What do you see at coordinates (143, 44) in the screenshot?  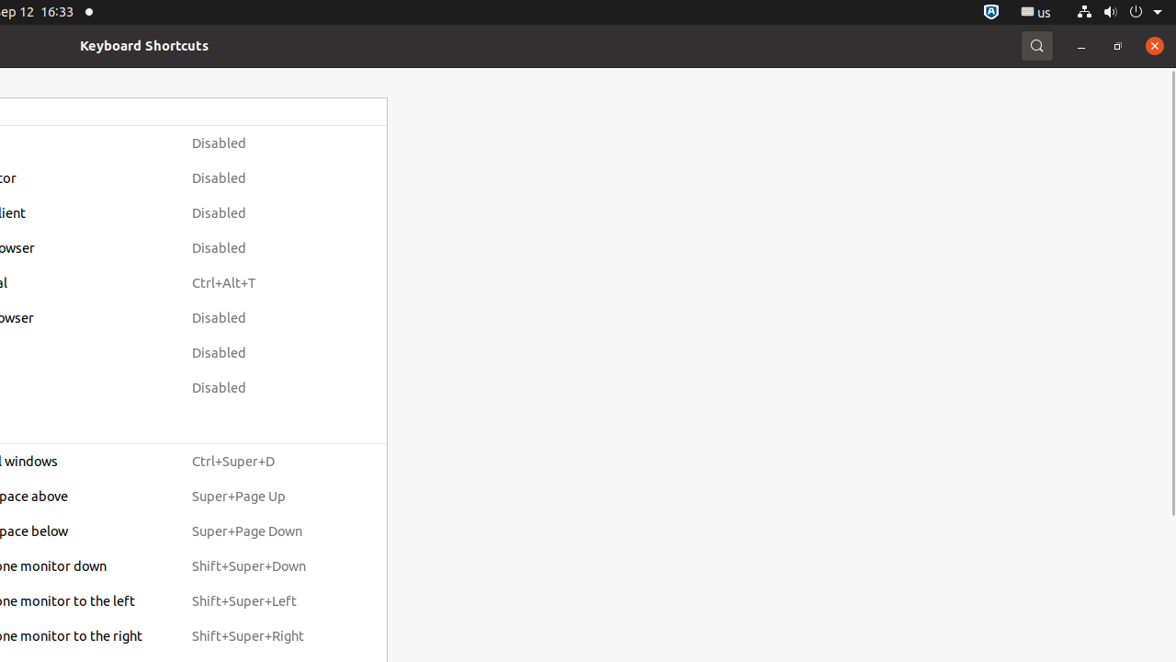 I see `'Keyboard Shortcuts'` at bounding box center [143, 44].